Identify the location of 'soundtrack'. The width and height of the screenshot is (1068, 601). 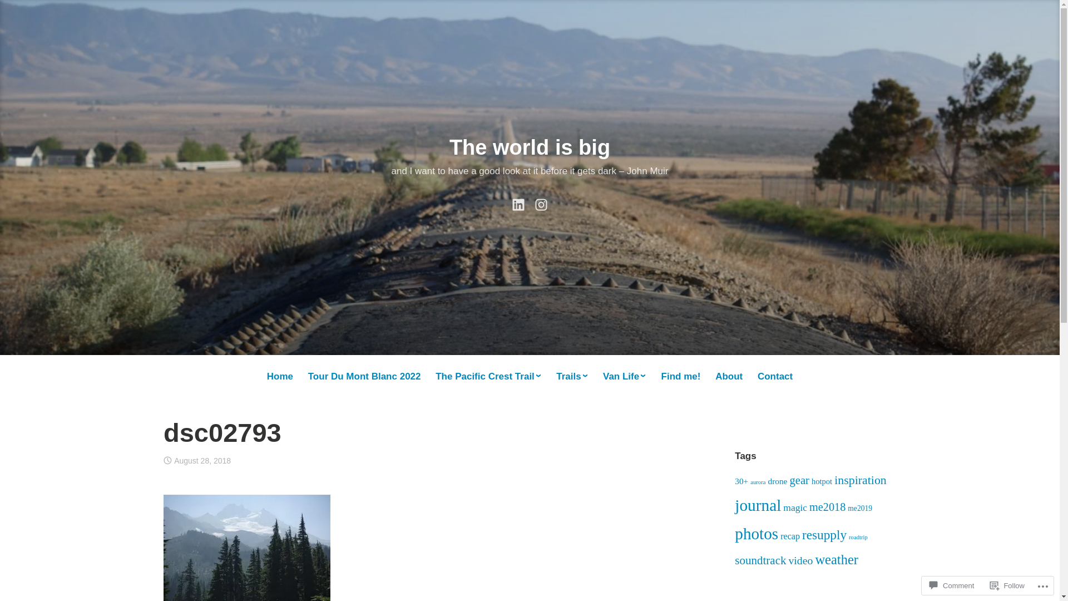
(760, 560).